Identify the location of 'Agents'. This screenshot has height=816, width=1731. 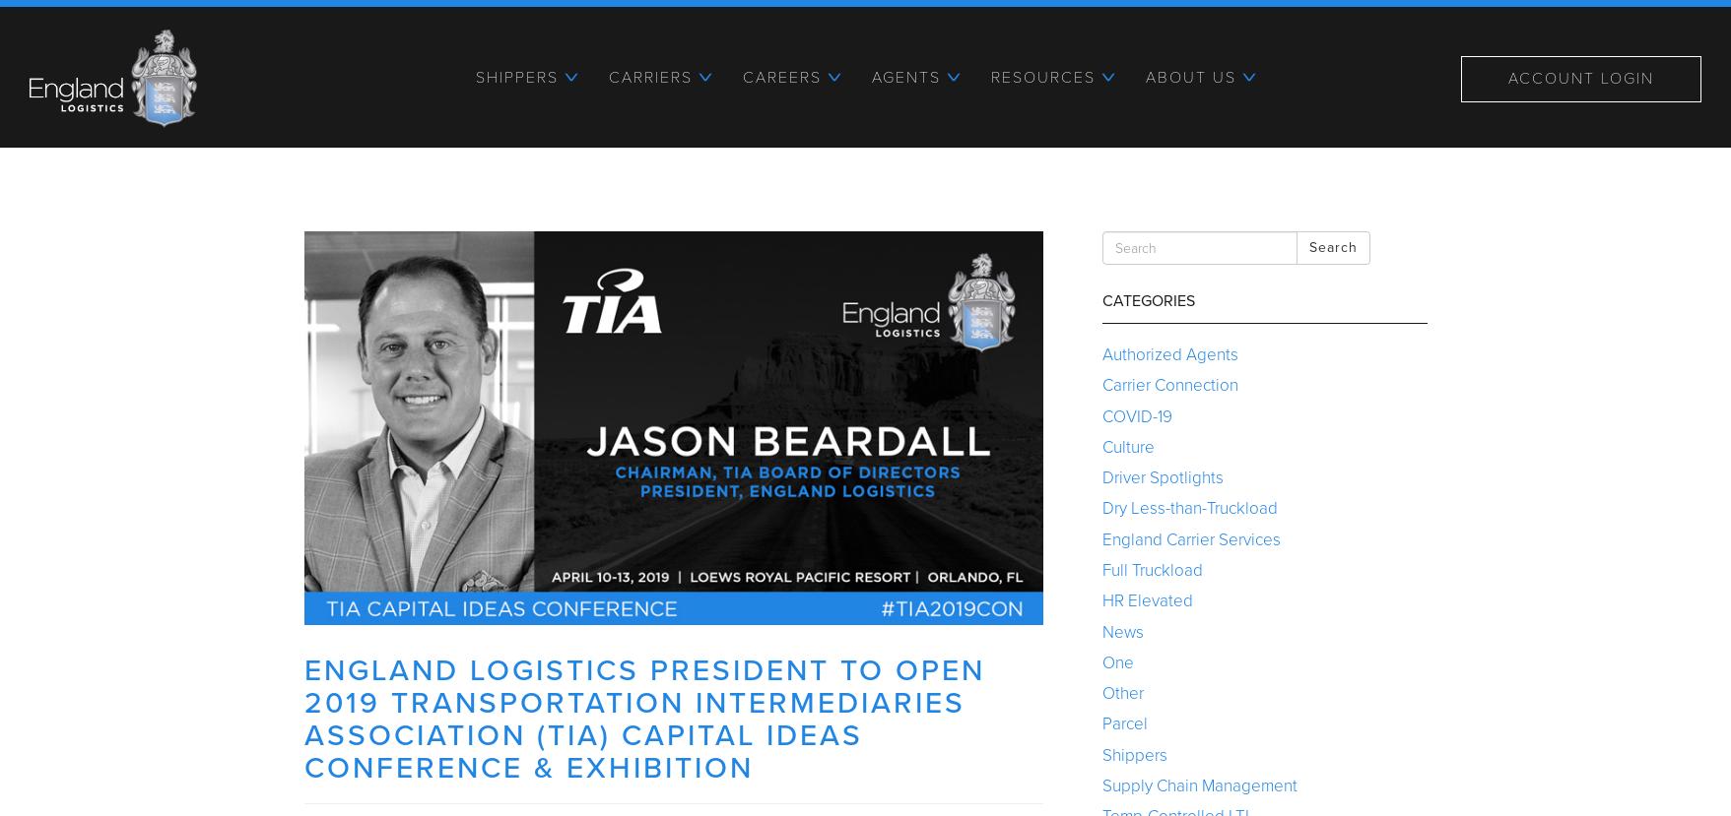
(869, 78).